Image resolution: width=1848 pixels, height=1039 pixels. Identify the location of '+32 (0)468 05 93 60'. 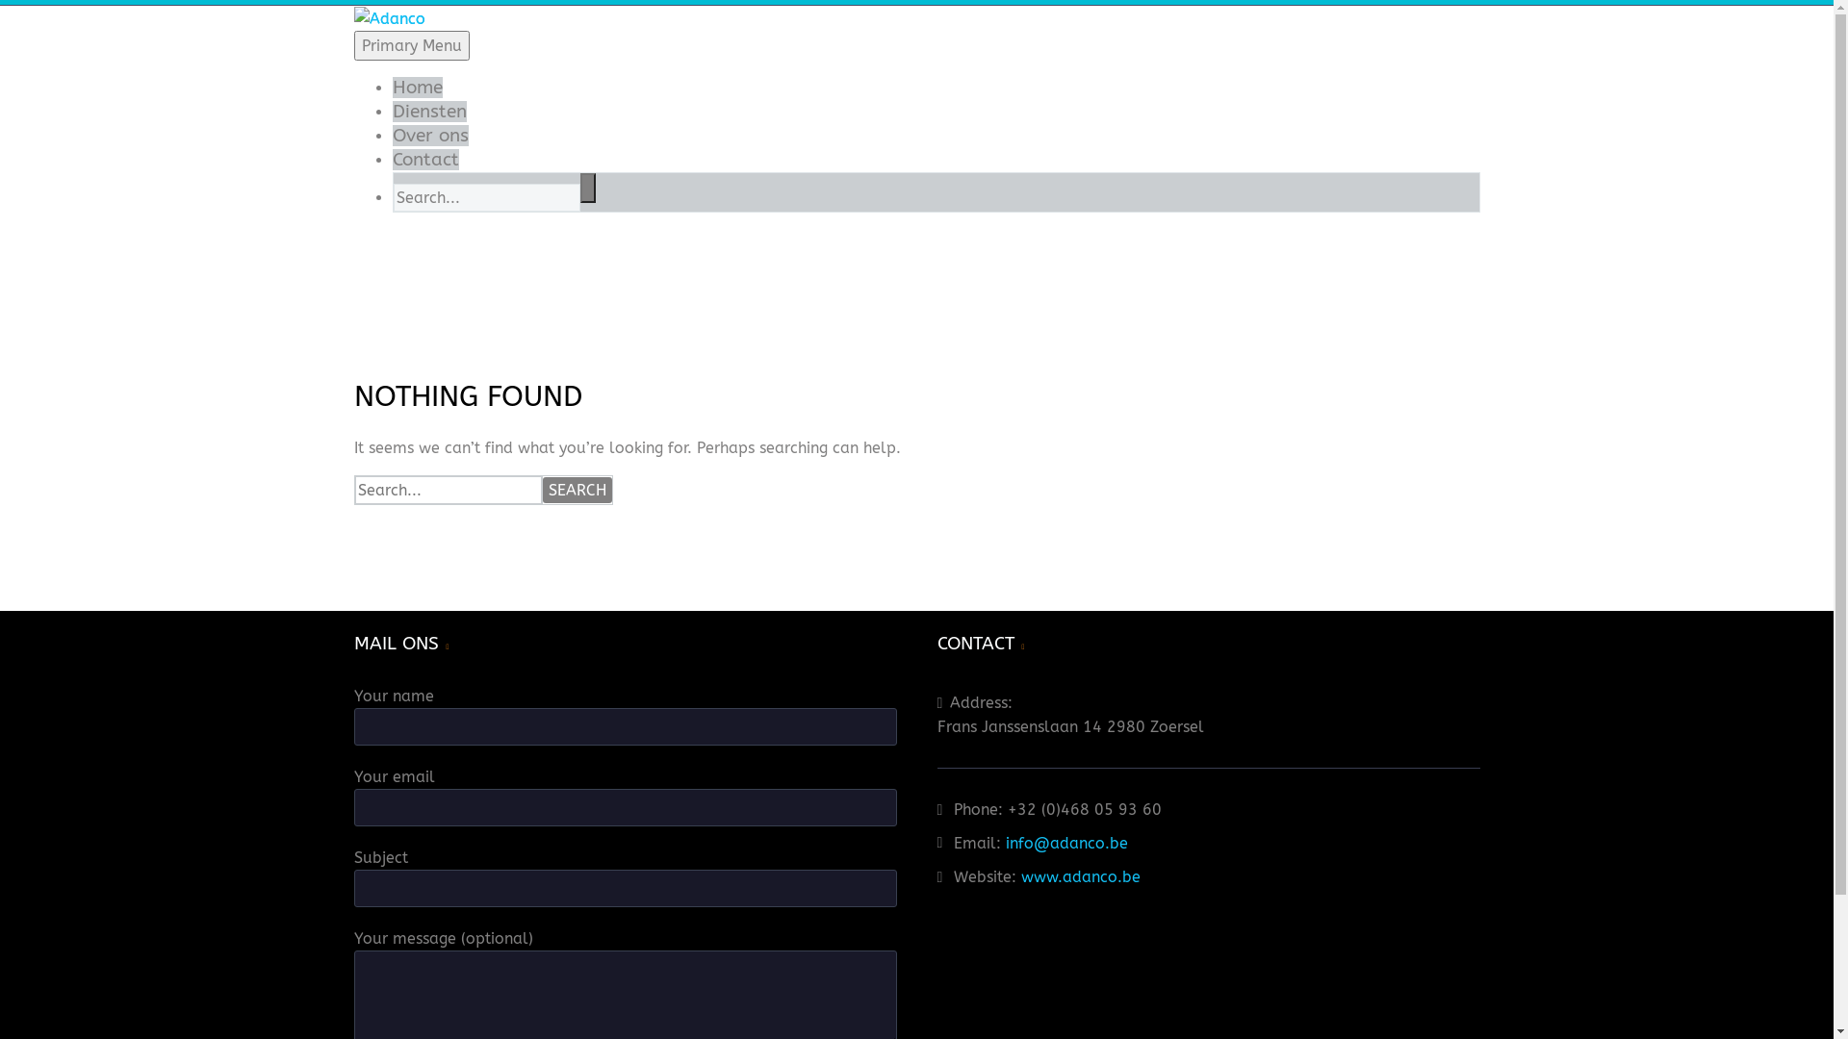
(1006, 809).